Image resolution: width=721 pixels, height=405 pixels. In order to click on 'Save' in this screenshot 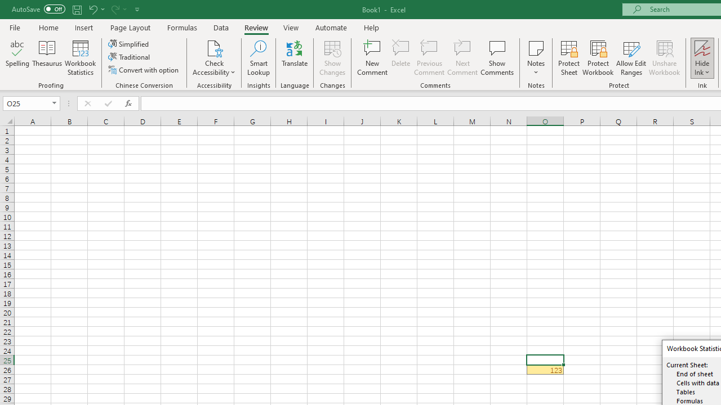, I will do `click(76, 9)`.